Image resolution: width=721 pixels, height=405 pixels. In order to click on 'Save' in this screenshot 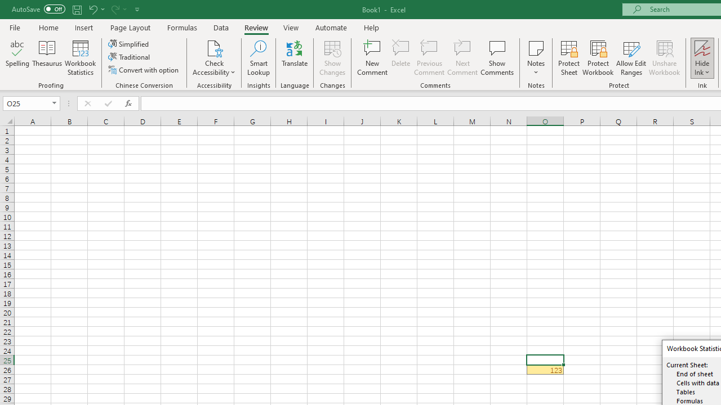, I will do `click(76, 9)`.